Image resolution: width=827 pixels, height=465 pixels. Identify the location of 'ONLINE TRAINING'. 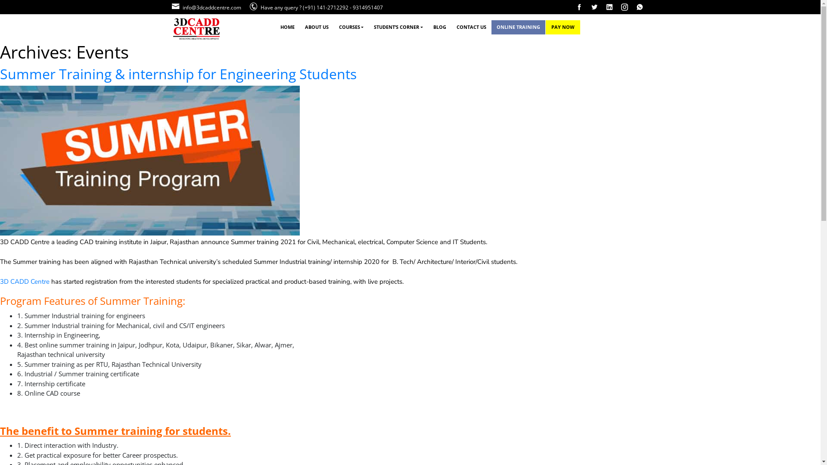
(518, 27).